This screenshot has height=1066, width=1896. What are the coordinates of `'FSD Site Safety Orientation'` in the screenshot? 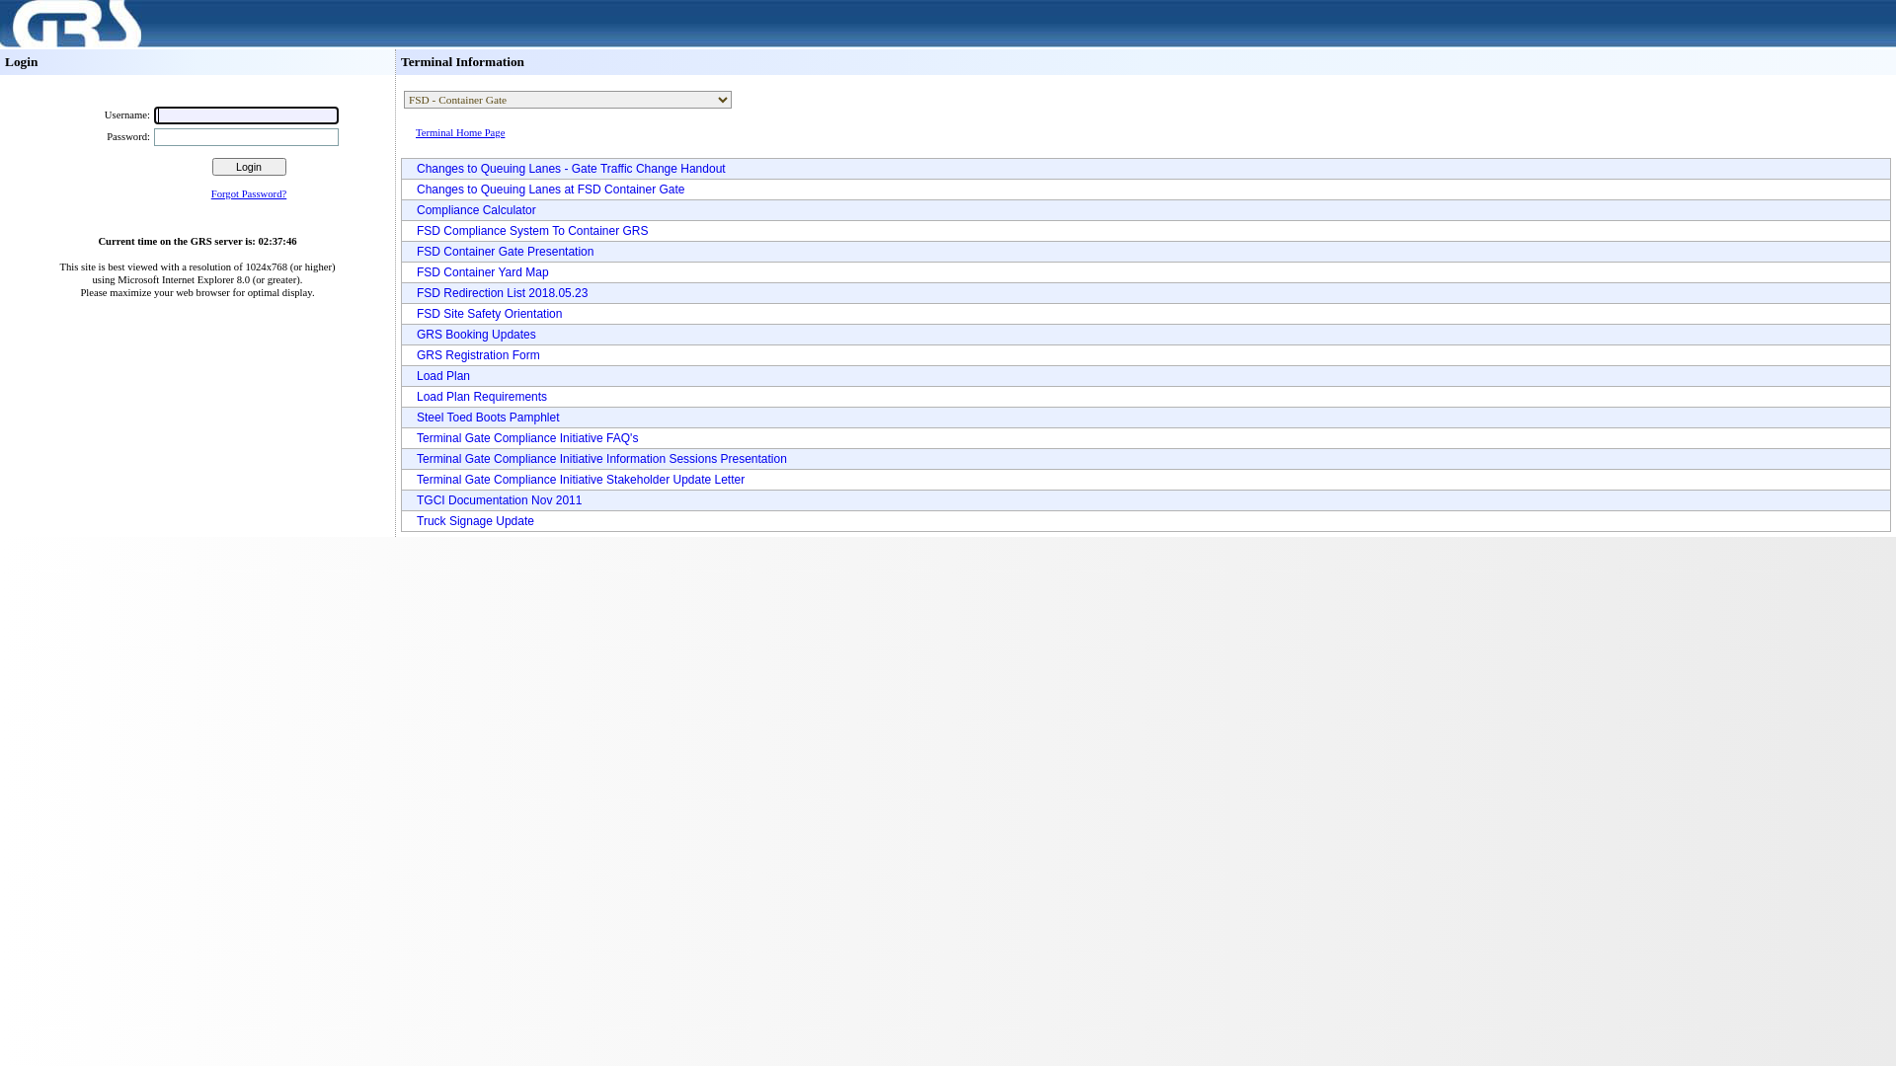 It's located at (406, 312).